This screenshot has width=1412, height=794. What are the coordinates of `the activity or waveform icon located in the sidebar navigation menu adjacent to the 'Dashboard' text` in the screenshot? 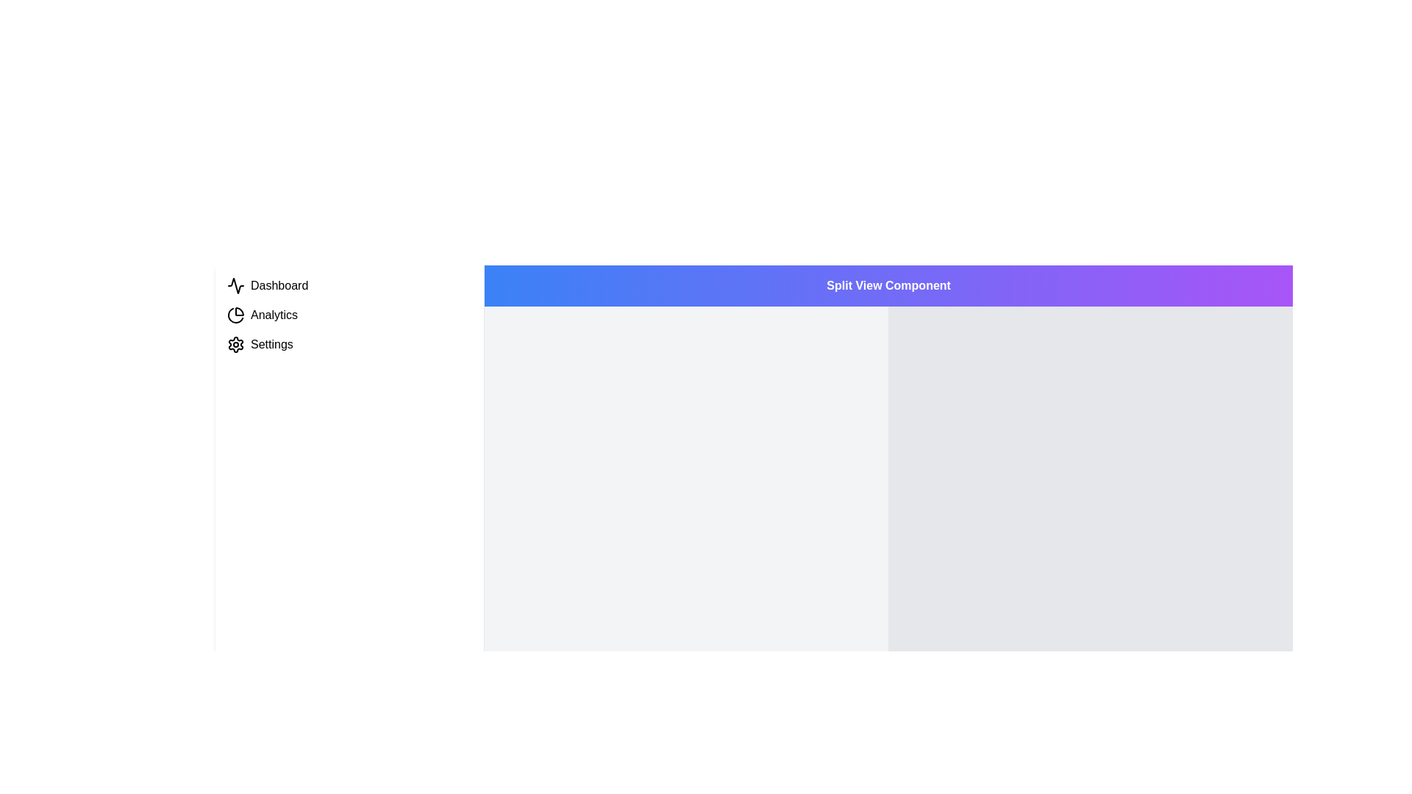 It's located at (236, 286).